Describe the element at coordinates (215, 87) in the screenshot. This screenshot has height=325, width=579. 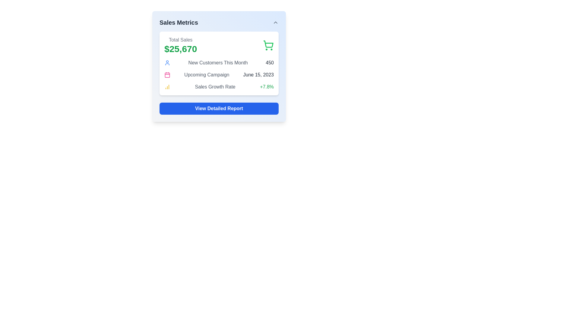
I see `the text label that describes the sales growth rate, which is positioned to the left of the value '+7.8%' and aligned beside a chart icon` at that location.